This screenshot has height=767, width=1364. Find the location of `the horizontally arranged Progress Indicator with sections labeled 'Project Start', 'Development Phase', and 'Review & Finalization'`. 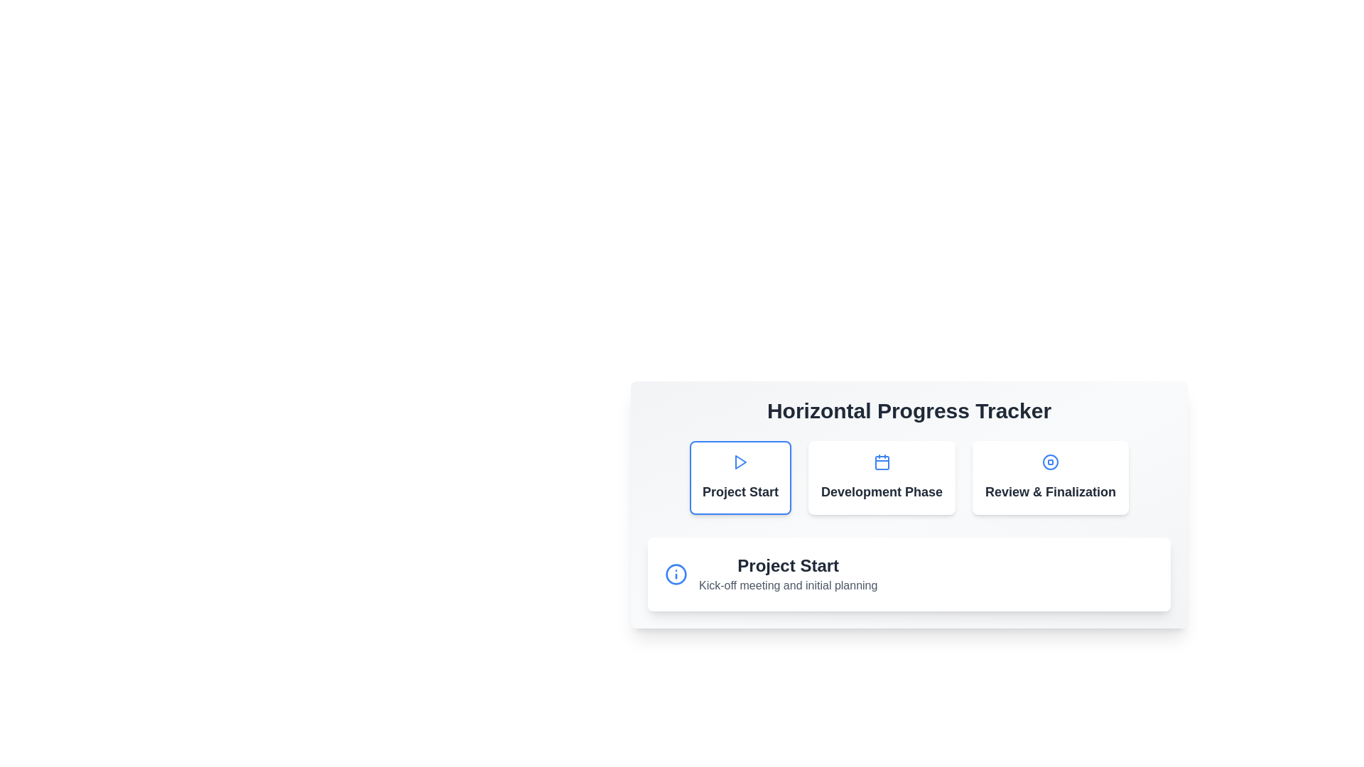

the horizontally arranged Progress Indicator with sections labeled 'Project Start', 'Development Phase', and 'Review & Finalization' is located at coordinates (909, 504).